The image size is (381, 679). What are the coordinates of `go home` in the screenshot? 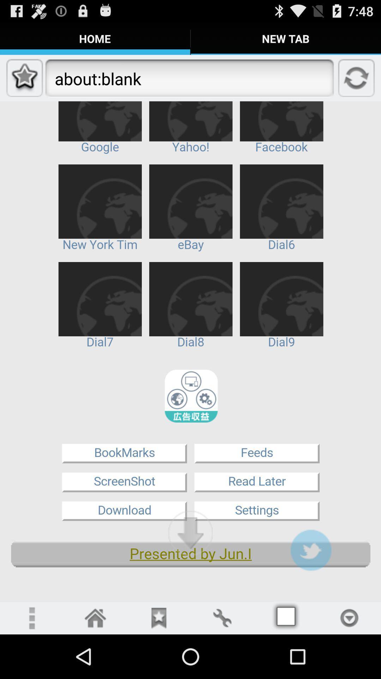 It's located at (95, 617).